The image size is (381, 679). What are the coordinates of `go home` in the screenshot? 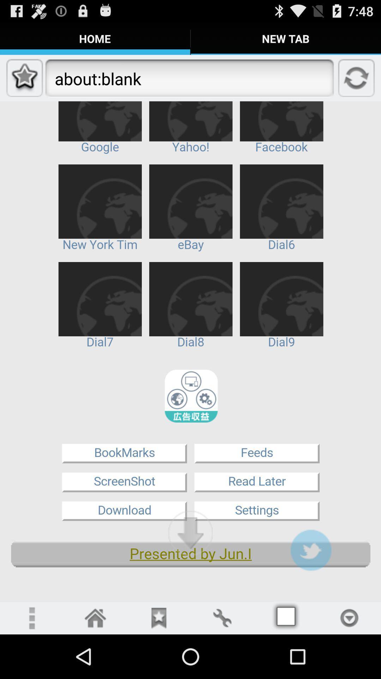 It's located at (95, 617).